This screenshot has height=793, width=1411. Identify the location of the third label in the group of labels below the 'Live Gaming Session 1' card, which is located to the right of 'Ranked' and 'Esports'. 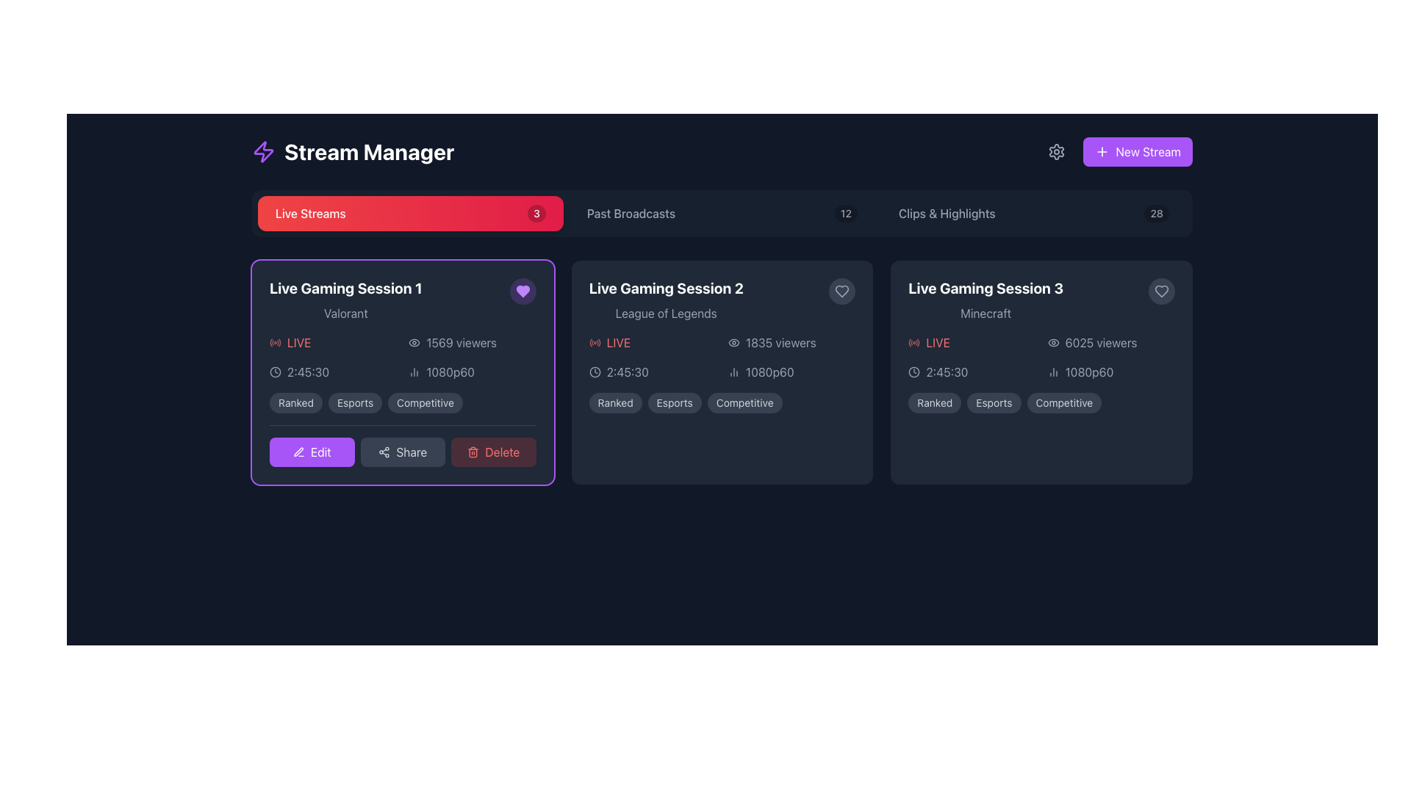
(425, 402).